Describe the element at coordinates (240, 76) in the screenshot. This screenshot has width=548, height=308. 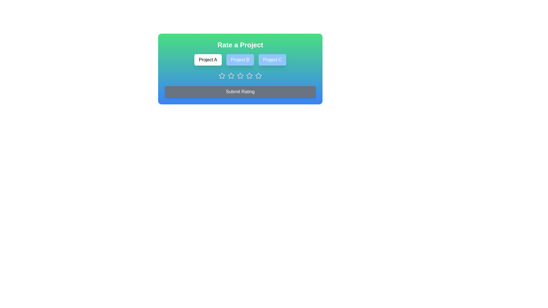
I see `the star corresponding to 3 to set the project rating` at that location.